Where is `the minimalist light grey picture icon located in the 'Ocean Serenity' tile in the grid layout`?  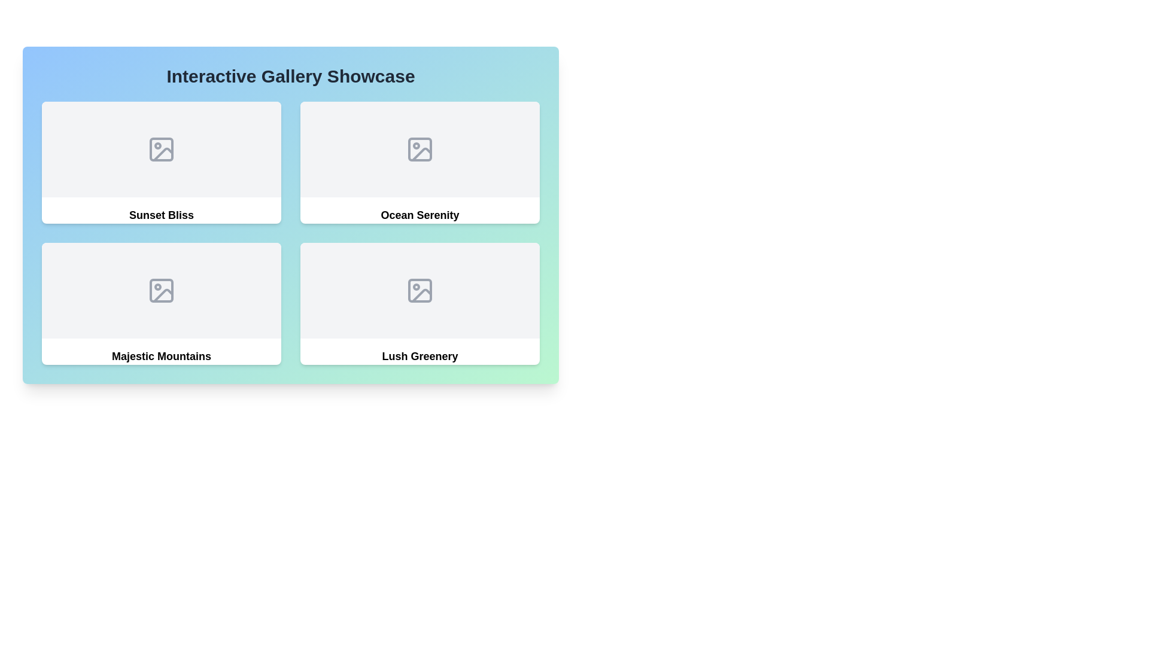
the minimalist light grey picture icon located in the 'Ocean Serenity' tile in the grid layout is located at coordinates (420, 149).